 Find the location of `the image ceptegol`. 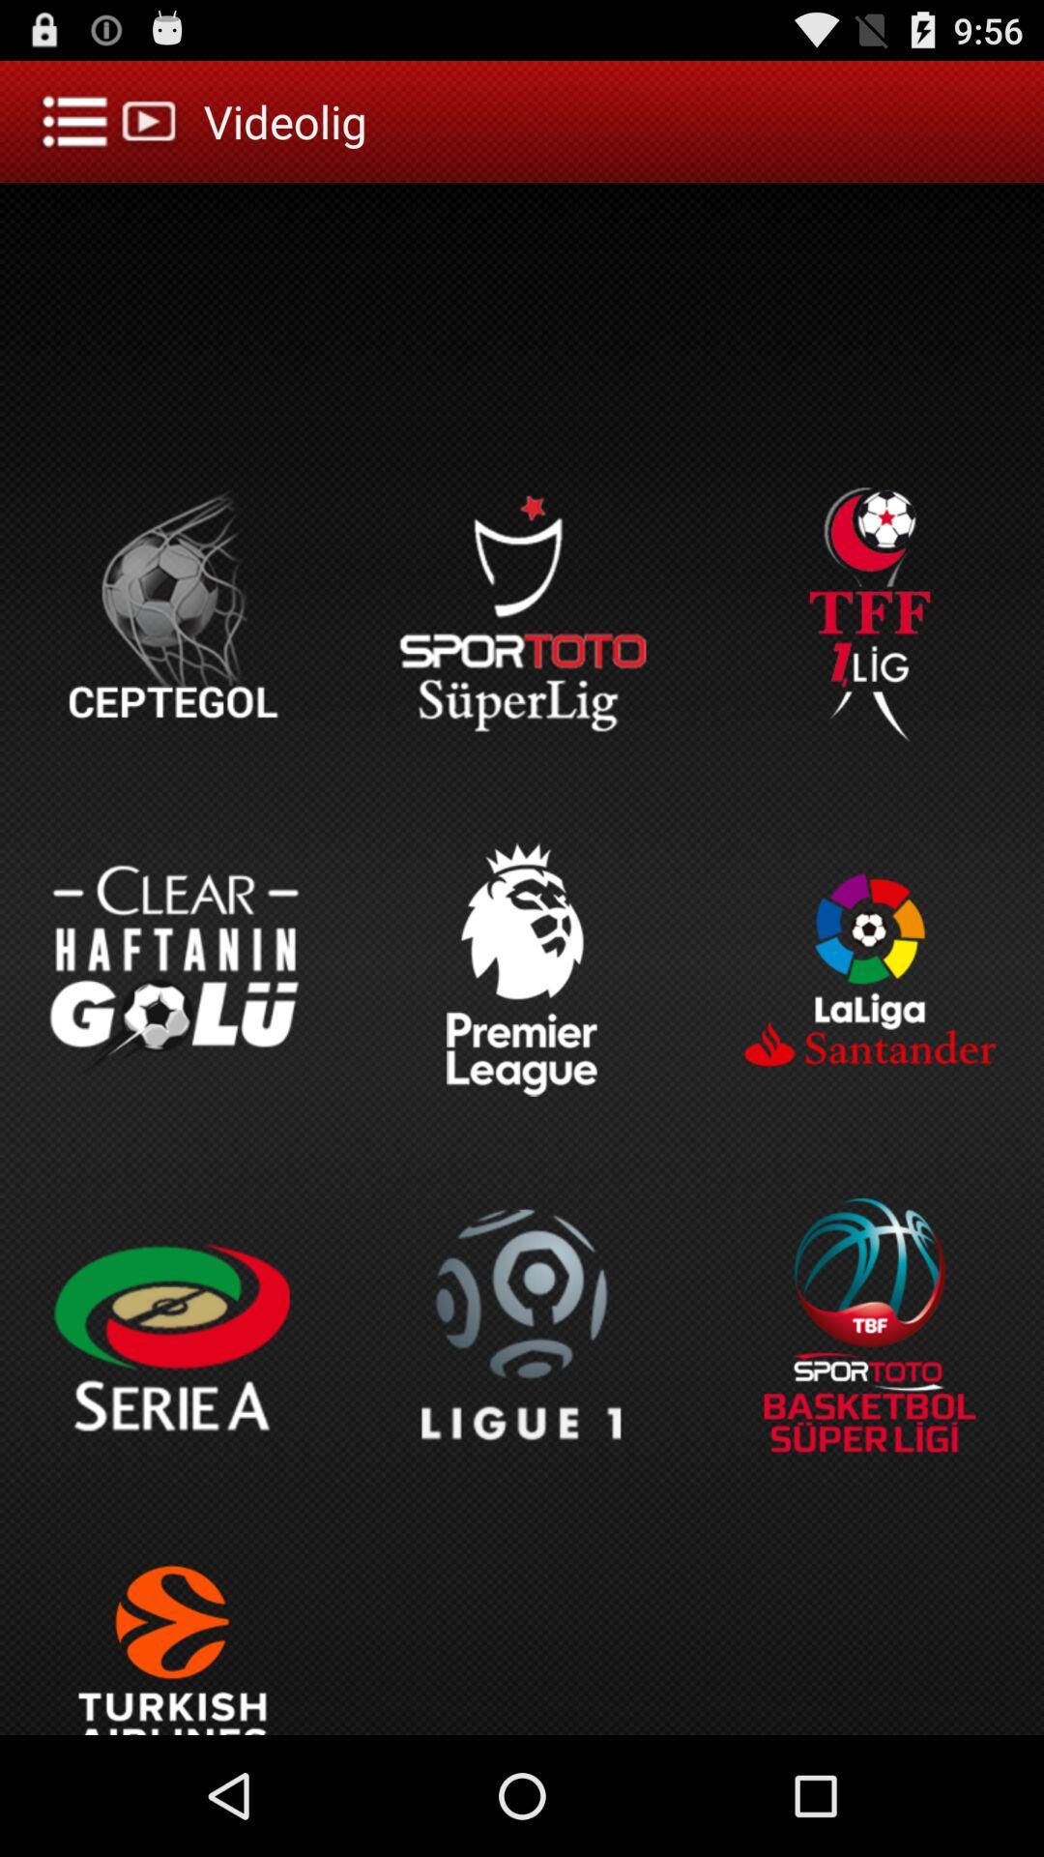

the image ceptegol is located at coordinates (174, 613).